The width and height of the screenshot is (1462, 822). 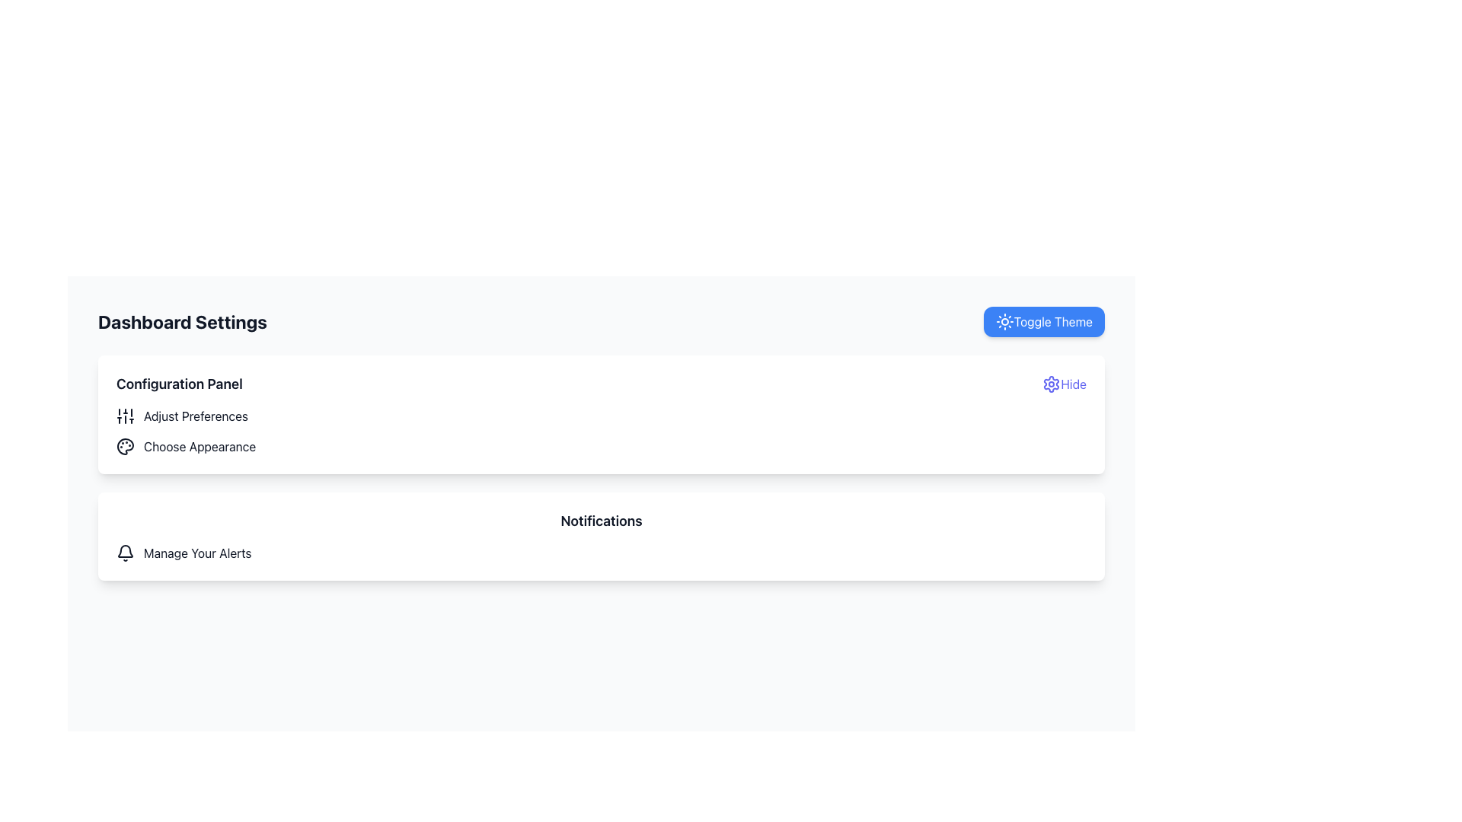 I want to click on the notification icon, which is the first icon on the left within the 'Notifications' section, indicating alerts or messages, so click(x=125, y=553).